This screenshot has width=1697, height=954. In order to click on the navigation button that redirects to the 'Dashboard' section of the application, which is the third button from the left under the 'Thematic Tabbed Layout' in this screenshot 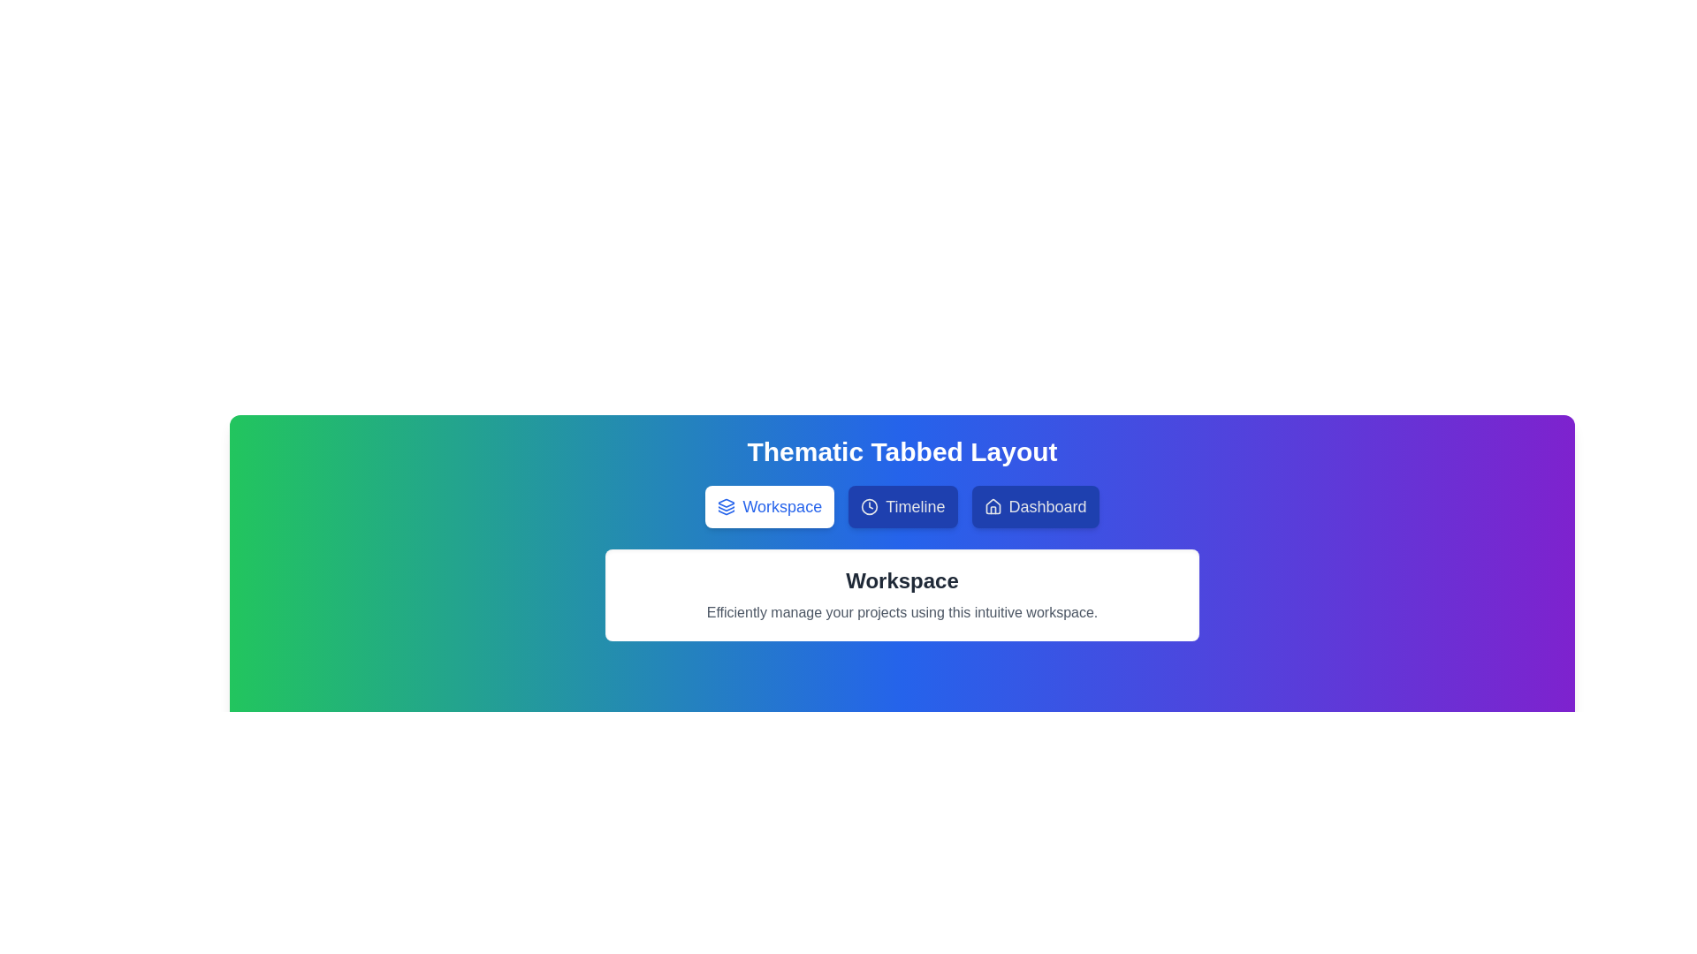, I will do `click(1035, 507)`.